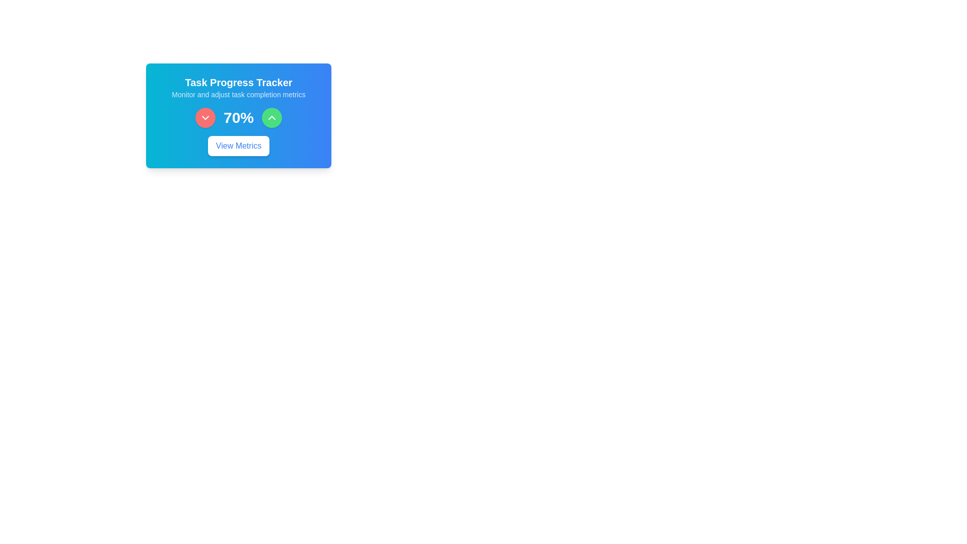 This screenshot has height=544, width=967. What do you see at coordinates (238, 117) in the screenshot?
I see `Text label displaying '70%' in bold white font against a blue background to extract the percentage value` at bounding box center [238, 117].